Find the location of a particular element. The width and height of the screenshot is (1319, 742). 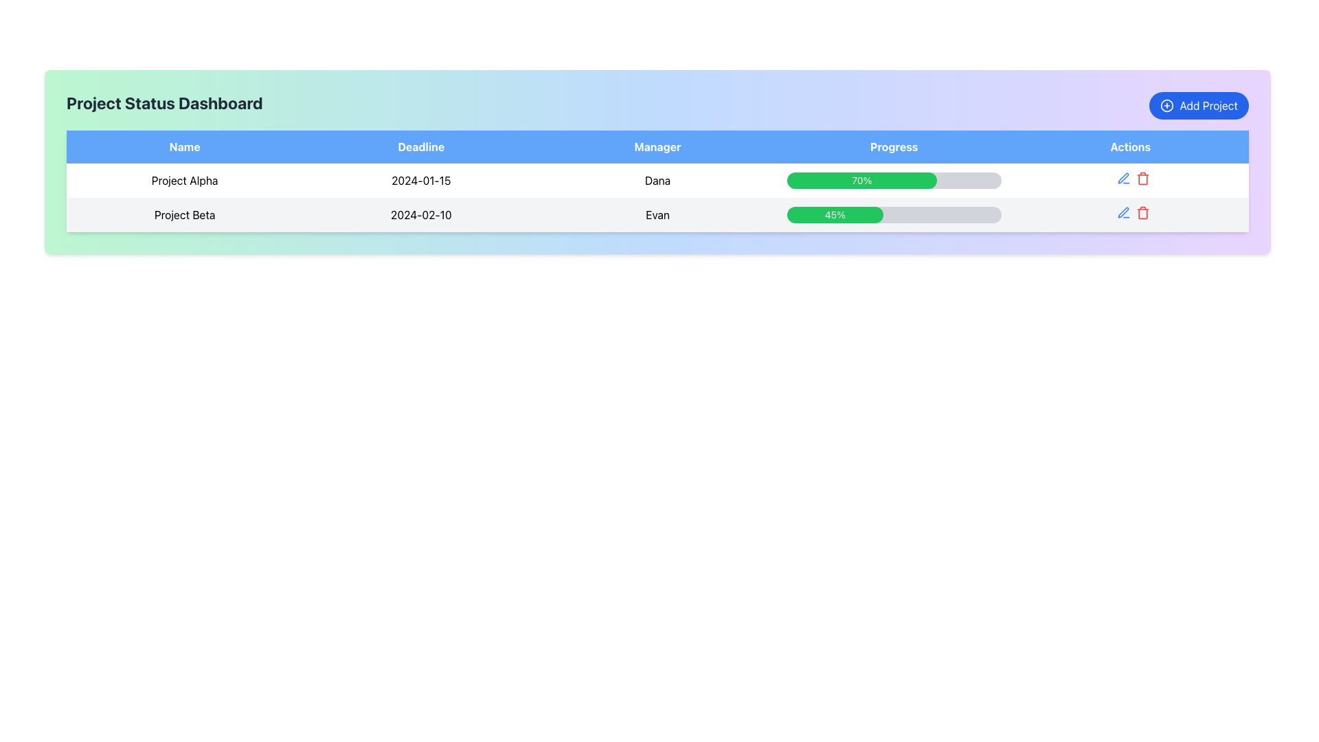

the progress value of the Progress bar for 'Project Beta', which indicates that the project is 45% complete, located in the second row of the table between the 'Manager' column and the 'Actions' column is located at coordinates (894, 214).